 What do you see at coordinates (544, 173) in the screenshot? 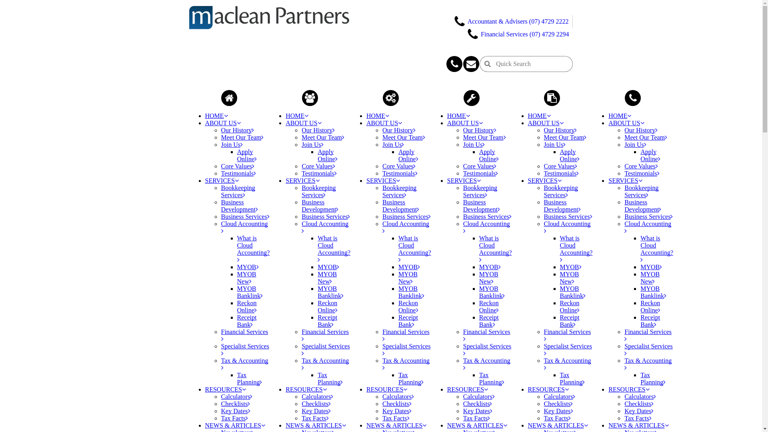
I see `'Testimonials'` at bounding box center [544, 173].